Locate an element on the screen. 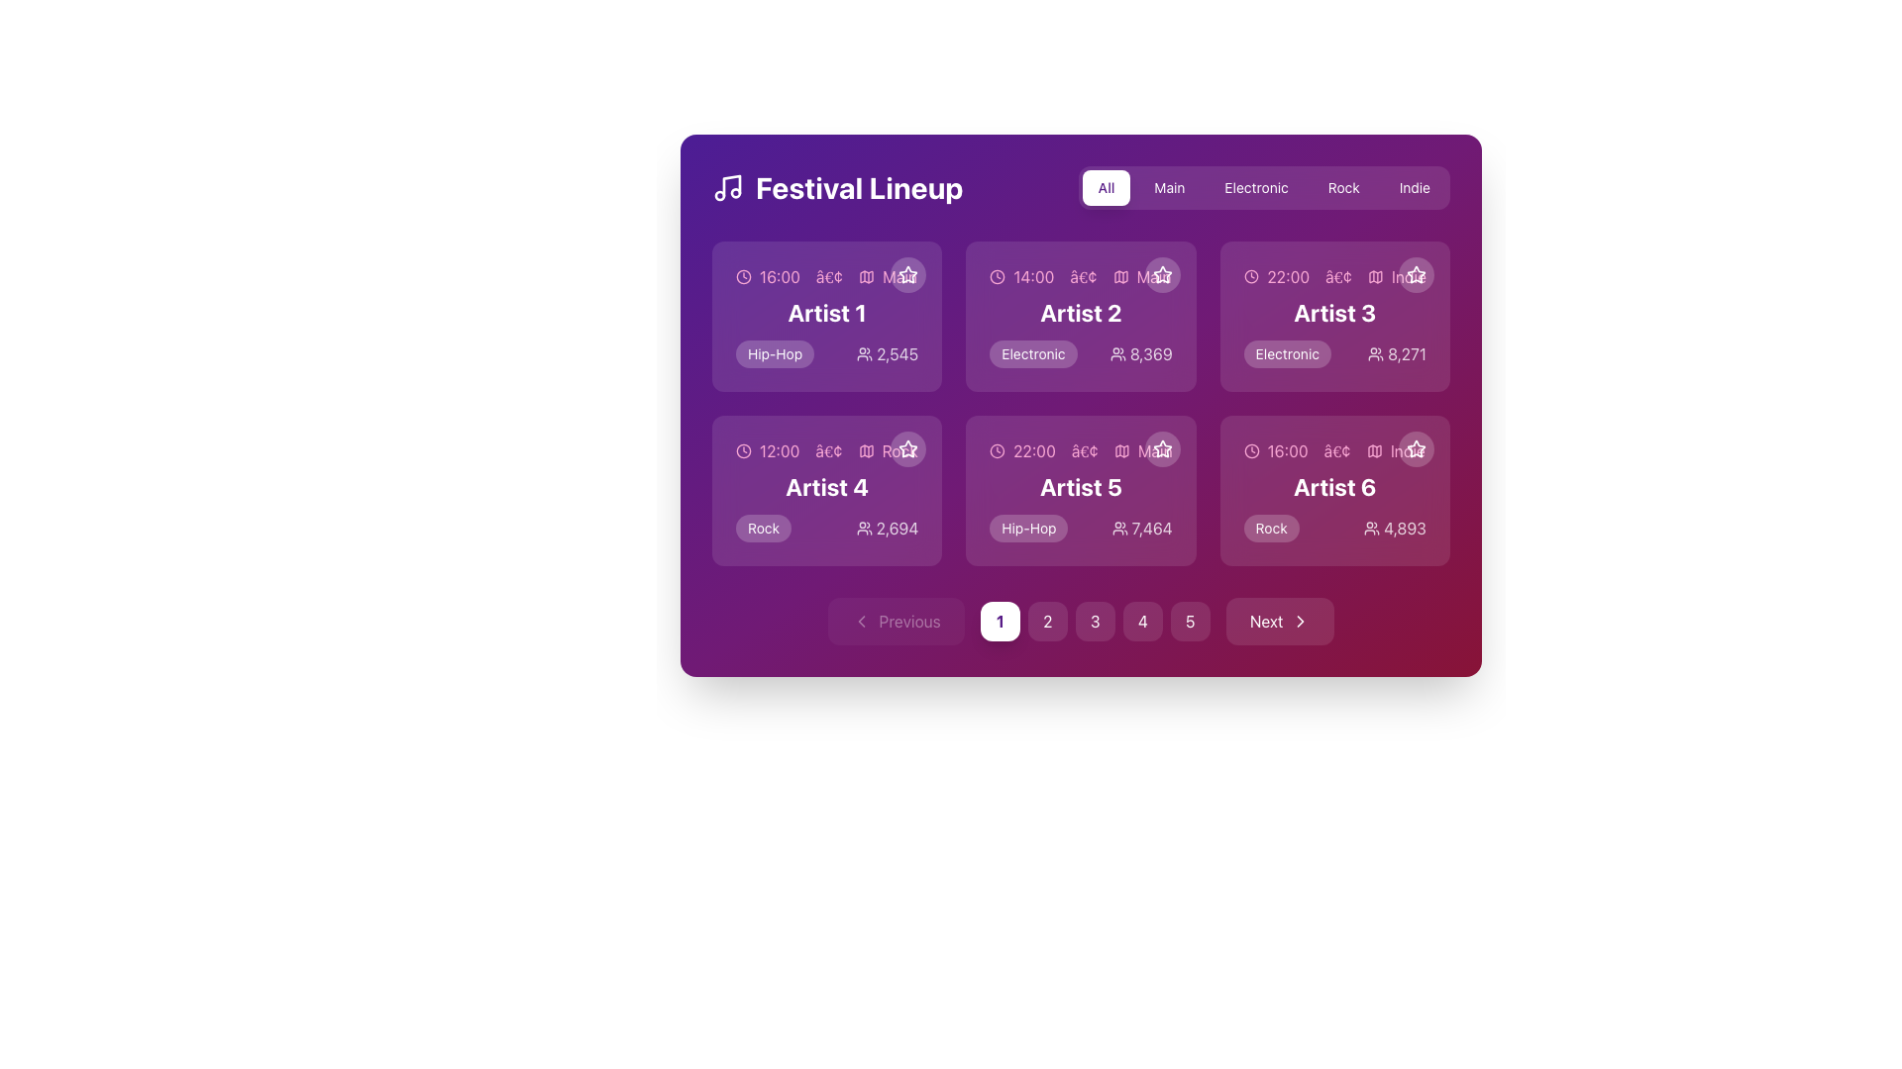 This screenshot has width=1902, height=1069. the star icon located within the 'Artist 5' card is located at coordinates (1162, 449).